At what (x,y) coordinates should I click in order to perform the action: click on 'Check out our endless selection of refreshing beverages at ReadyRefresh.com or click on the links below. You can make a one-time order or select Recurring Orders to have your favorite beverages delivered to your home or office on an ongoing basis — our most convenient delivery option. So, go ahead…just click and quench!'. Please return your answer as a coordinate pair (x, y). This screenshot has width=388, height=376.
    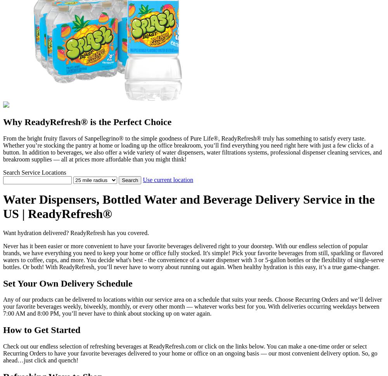
    Looking at the image, I should click on (190, 353).